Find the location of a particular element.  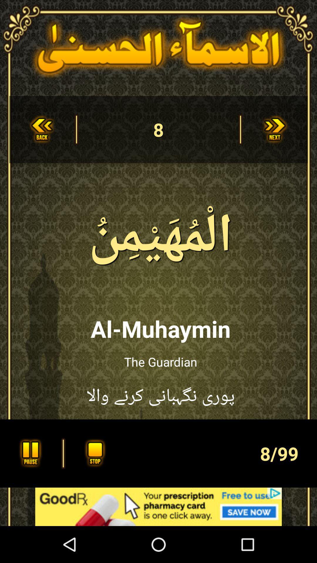

go next option is located at coordinates (275, 129).